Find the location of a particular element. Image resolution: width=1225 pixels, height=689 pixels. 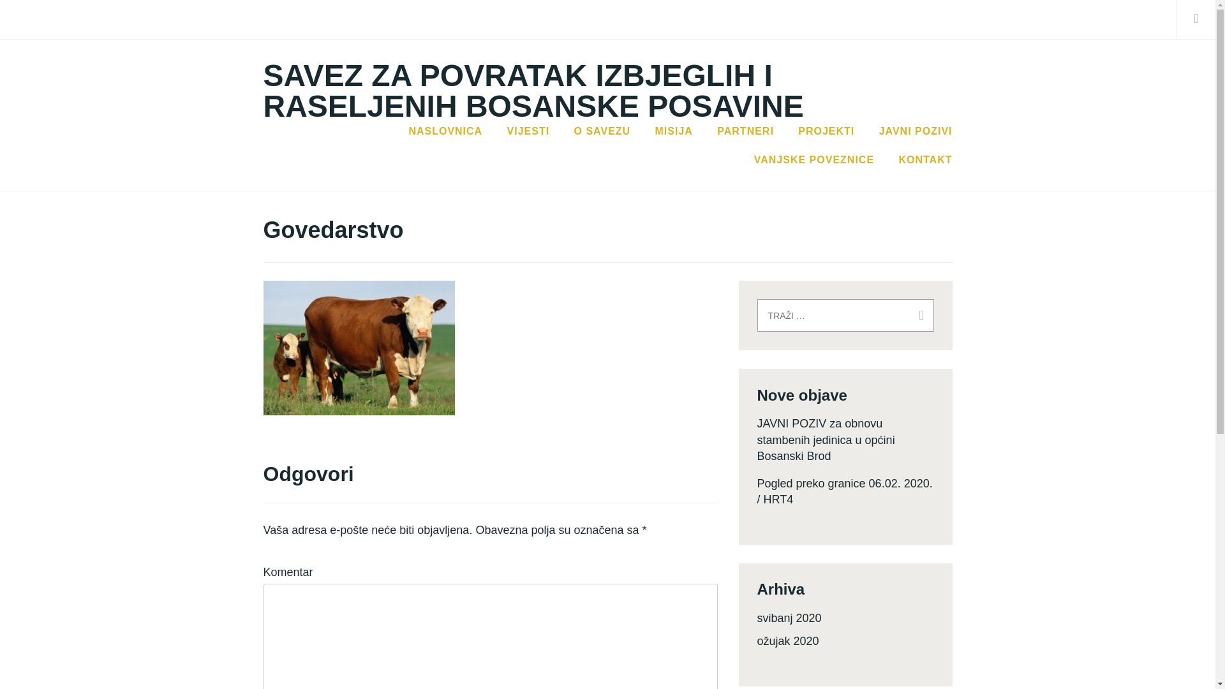

'JAVNI POZIVI' is located at coordinates (915, 131).